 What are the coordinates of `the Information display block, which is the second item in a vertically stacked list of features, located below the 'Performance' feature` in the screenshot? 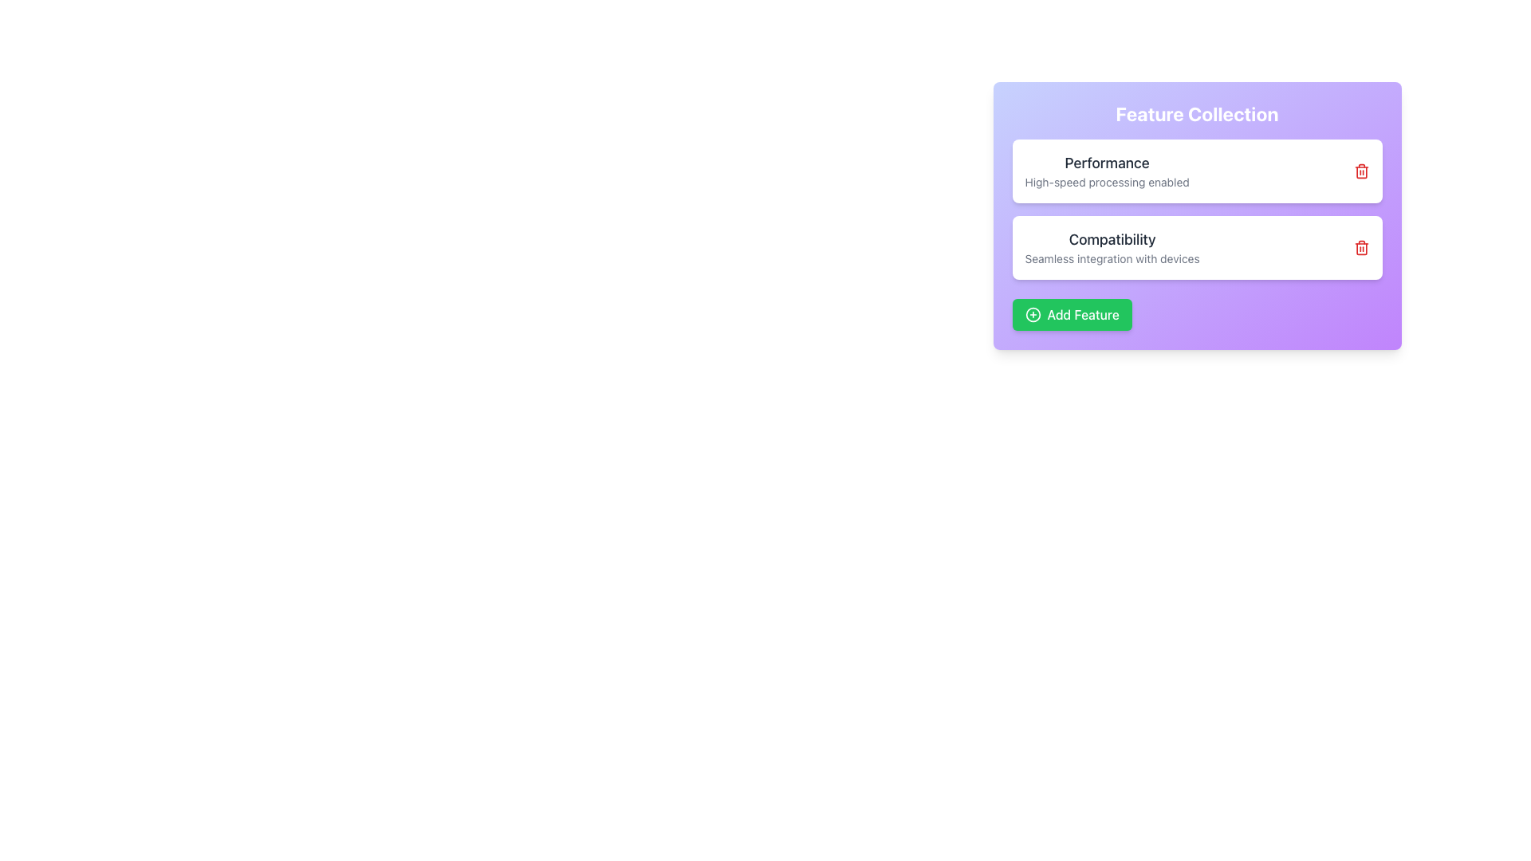 It's located at (1112, 248).